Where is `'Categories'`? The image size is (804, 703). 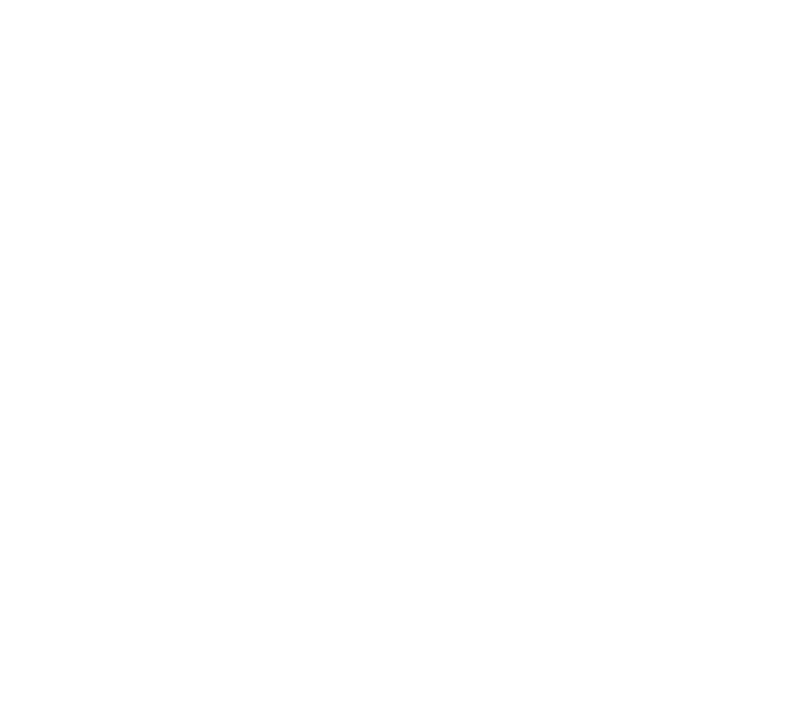 'Categories' is located at coordinates (161, 566).